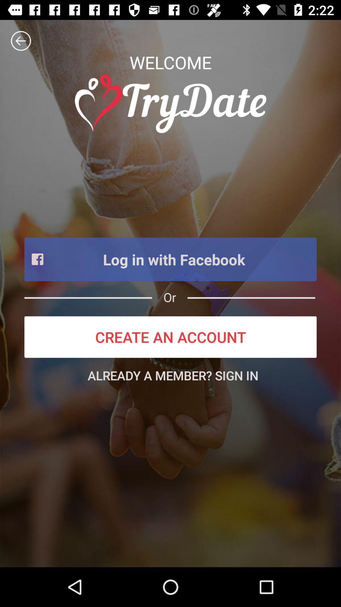  I want to click on the arrow_backward icon, so click(21, 40).